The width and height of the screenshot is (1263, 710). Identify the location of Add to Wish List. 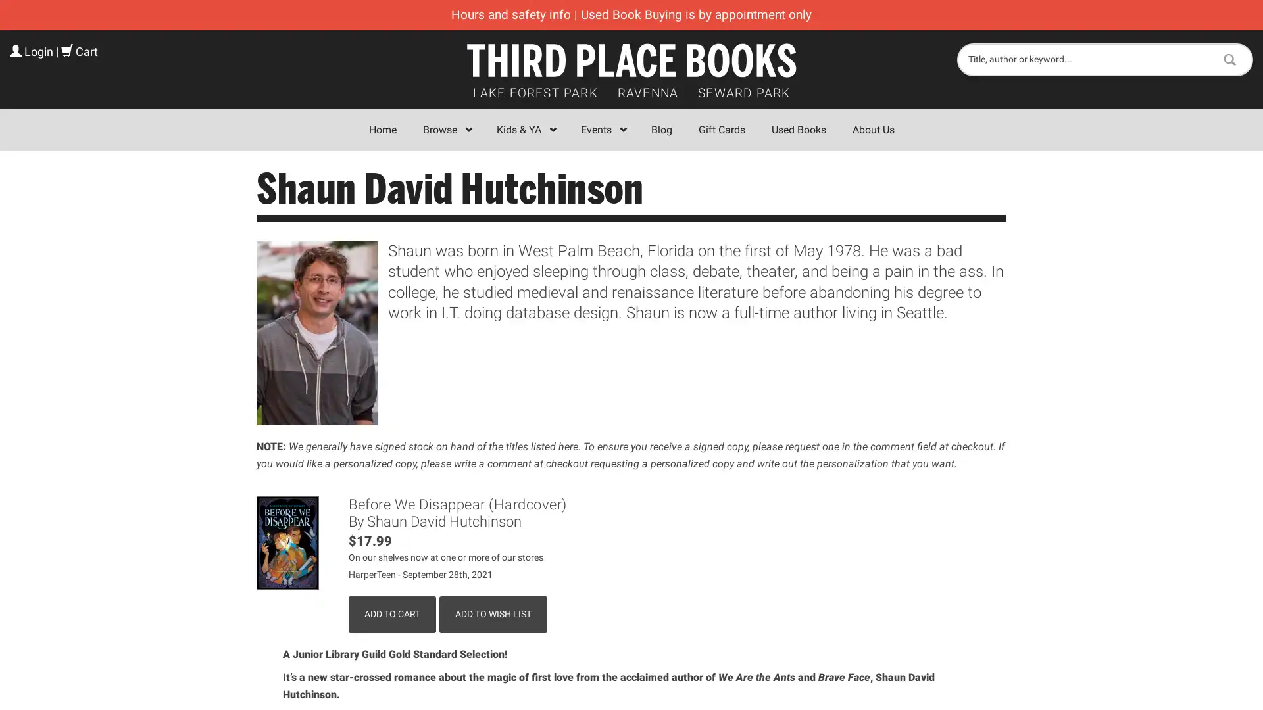
(492, 614).